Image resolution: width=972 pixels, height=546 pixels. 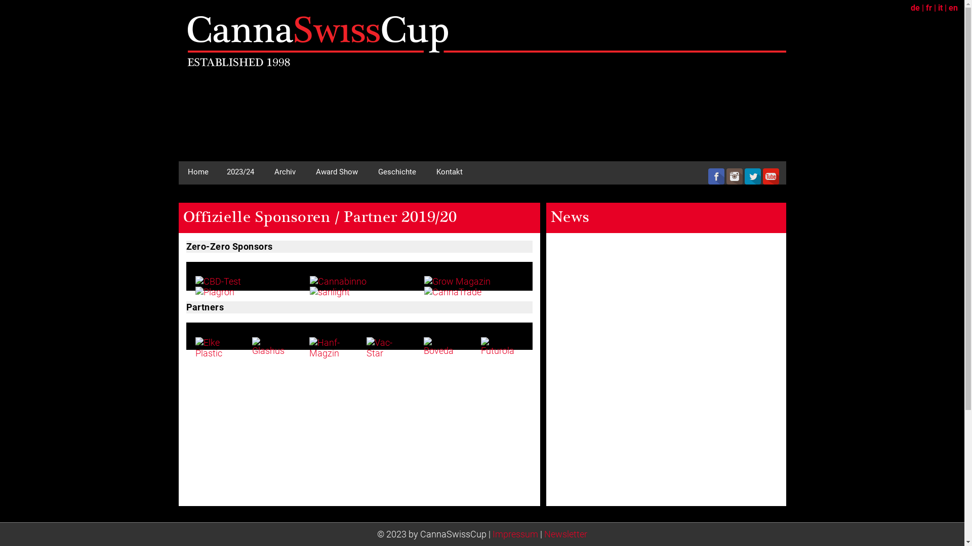 I want to click on 'Plagron', so click(x=214, y=292).